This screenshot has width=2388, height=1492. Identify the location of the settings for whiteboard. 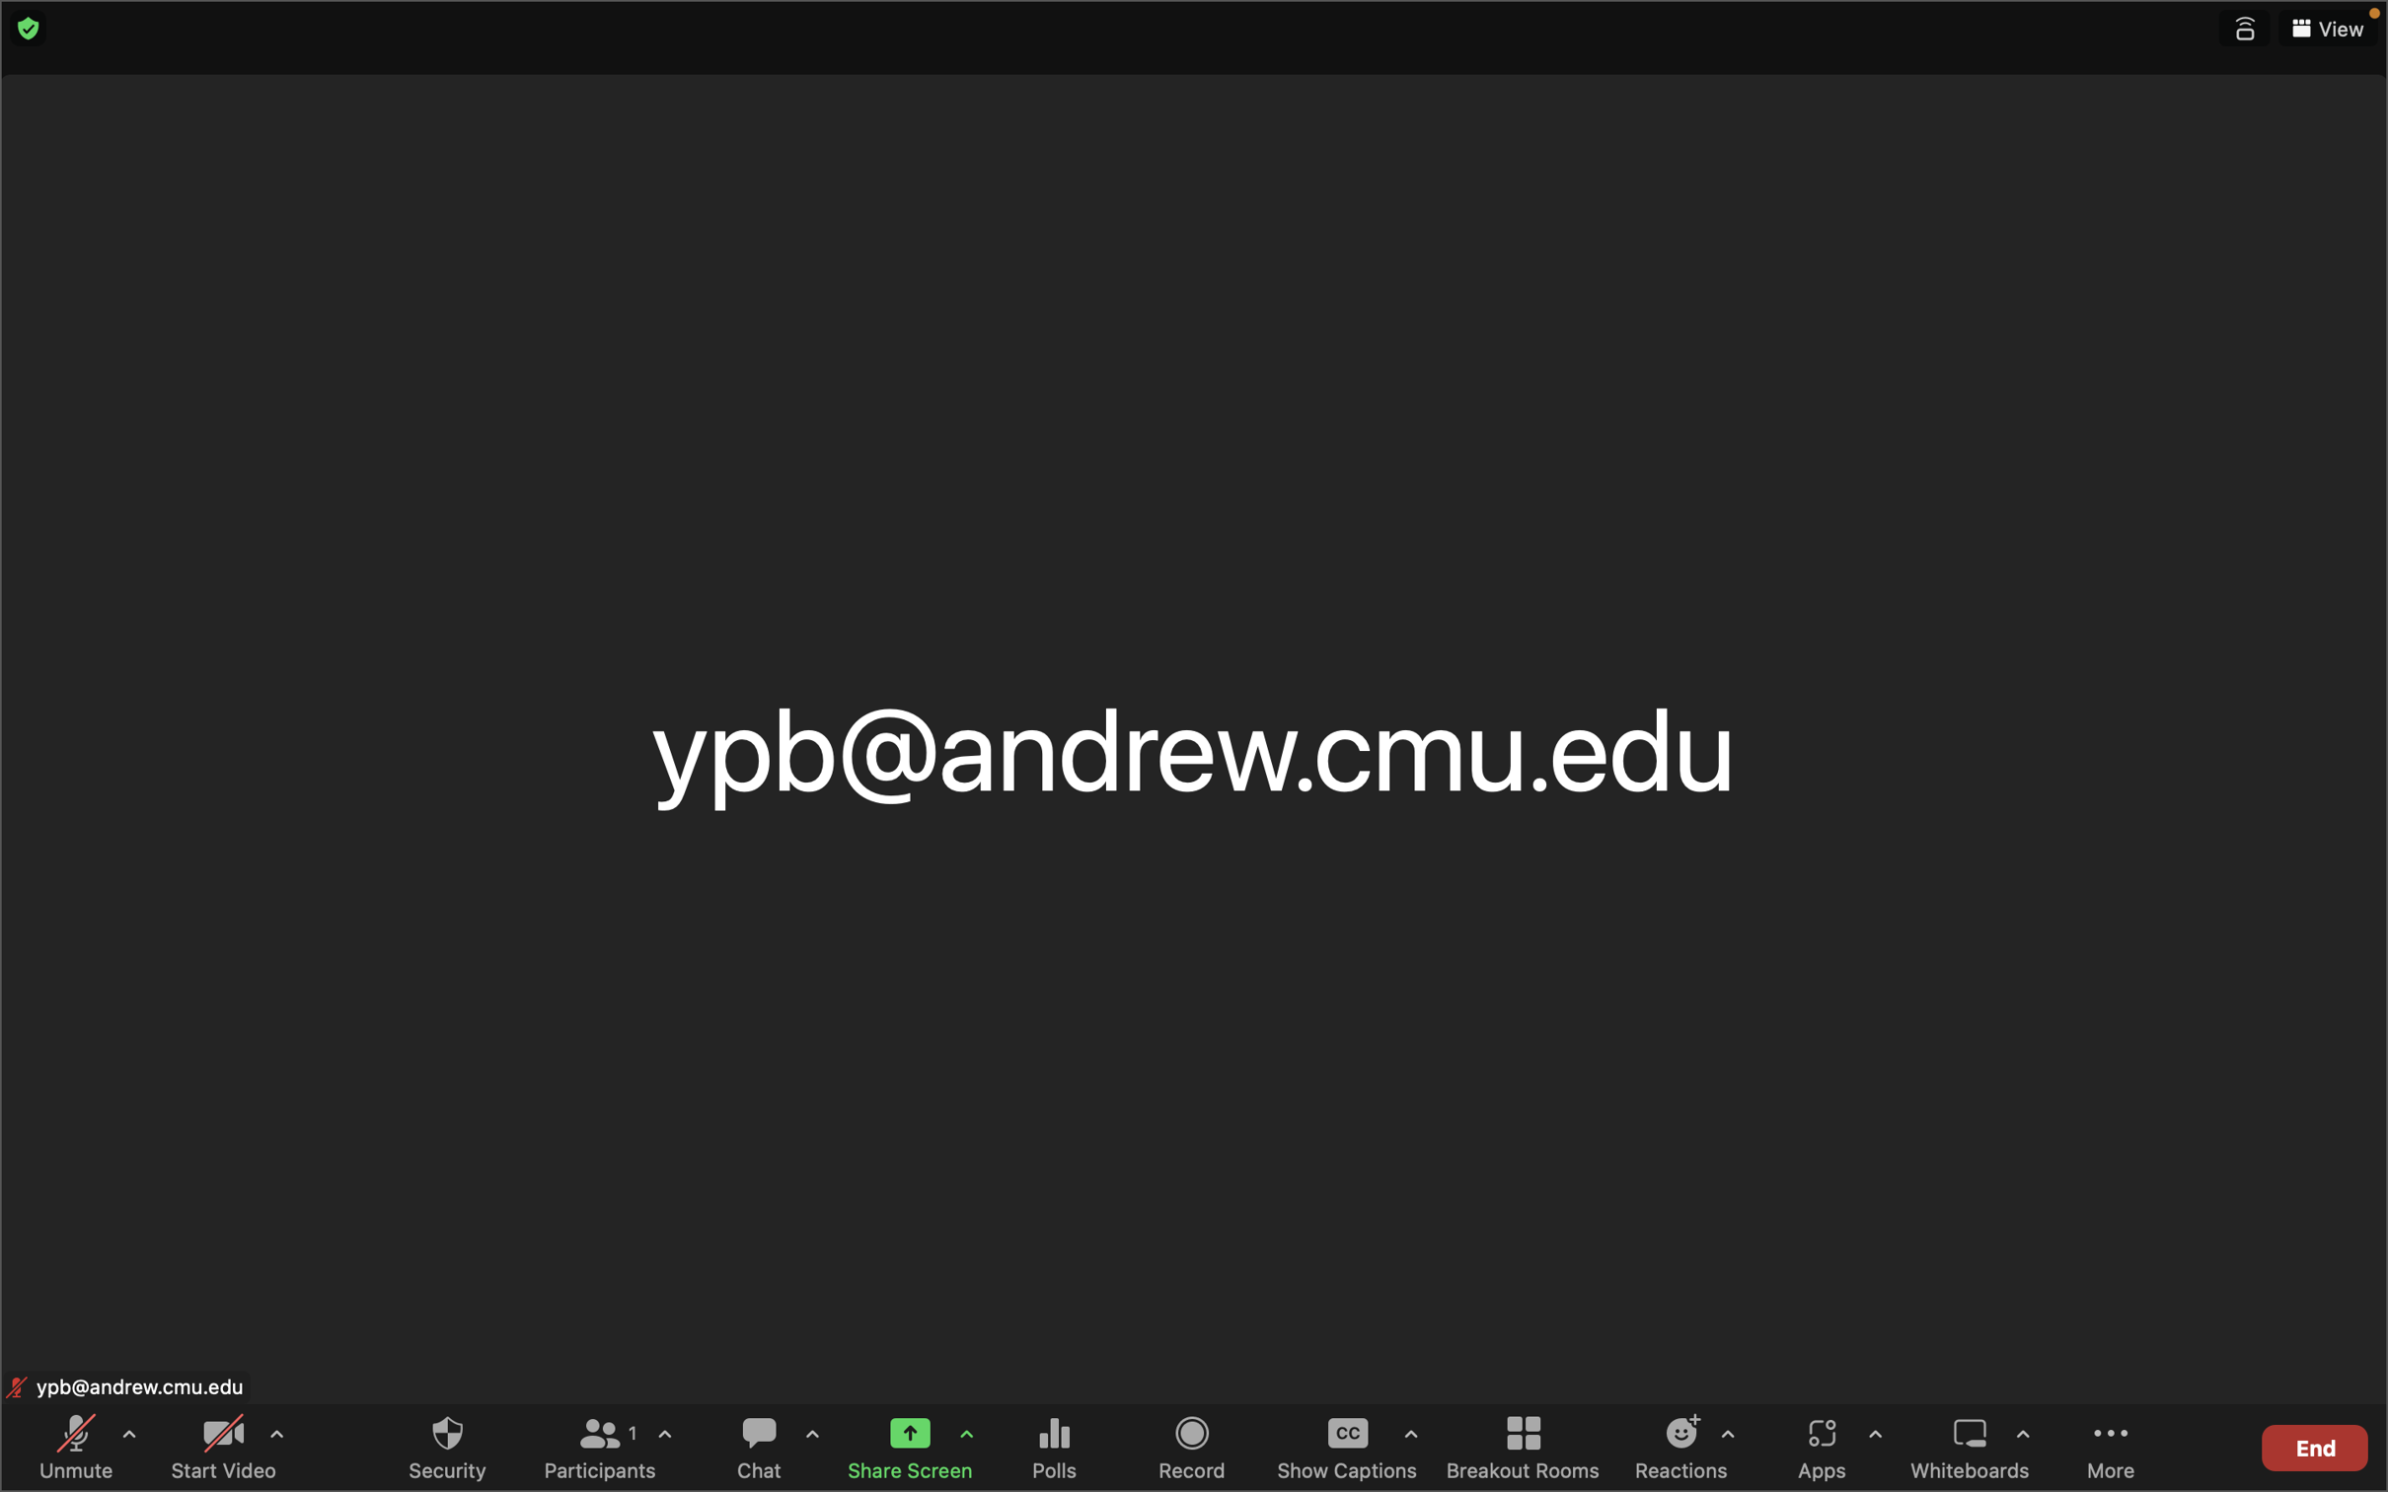
(2022, 1448).